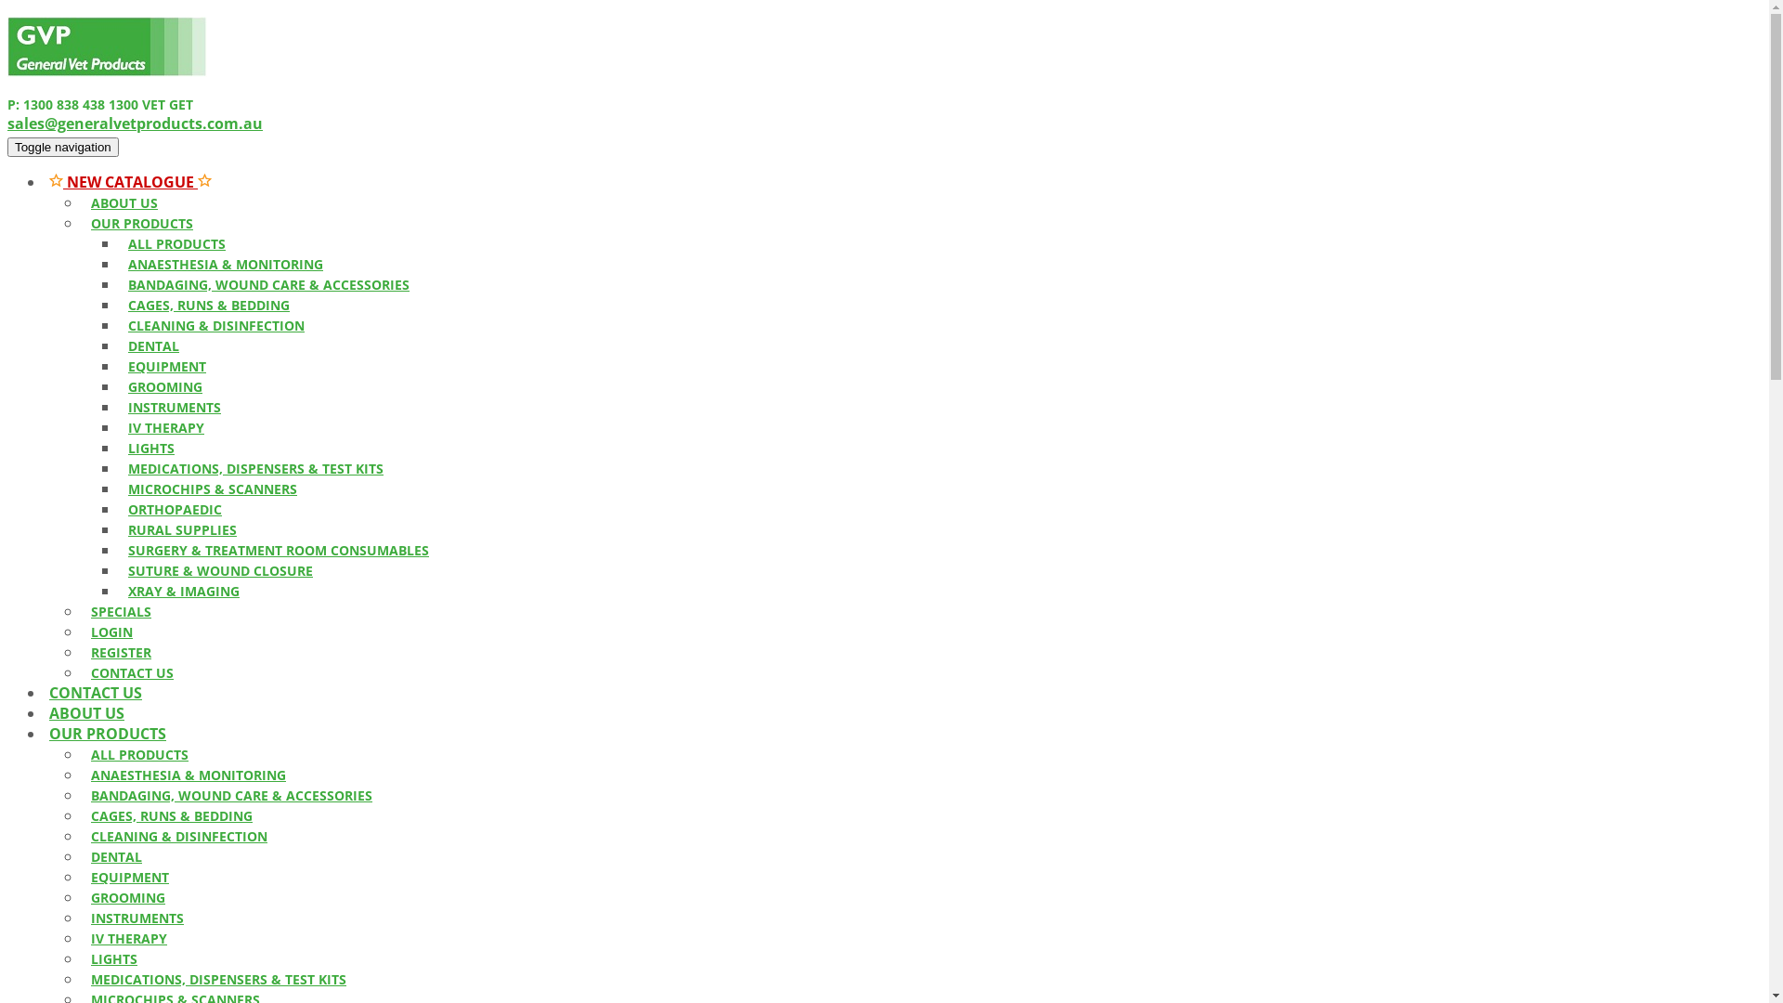  What do you see at coordinates (230, 794) in the screenshot?
I see `'BANDAGING, WOUND CARE & ACCESSORIES'` at bounding box center [230, 794].